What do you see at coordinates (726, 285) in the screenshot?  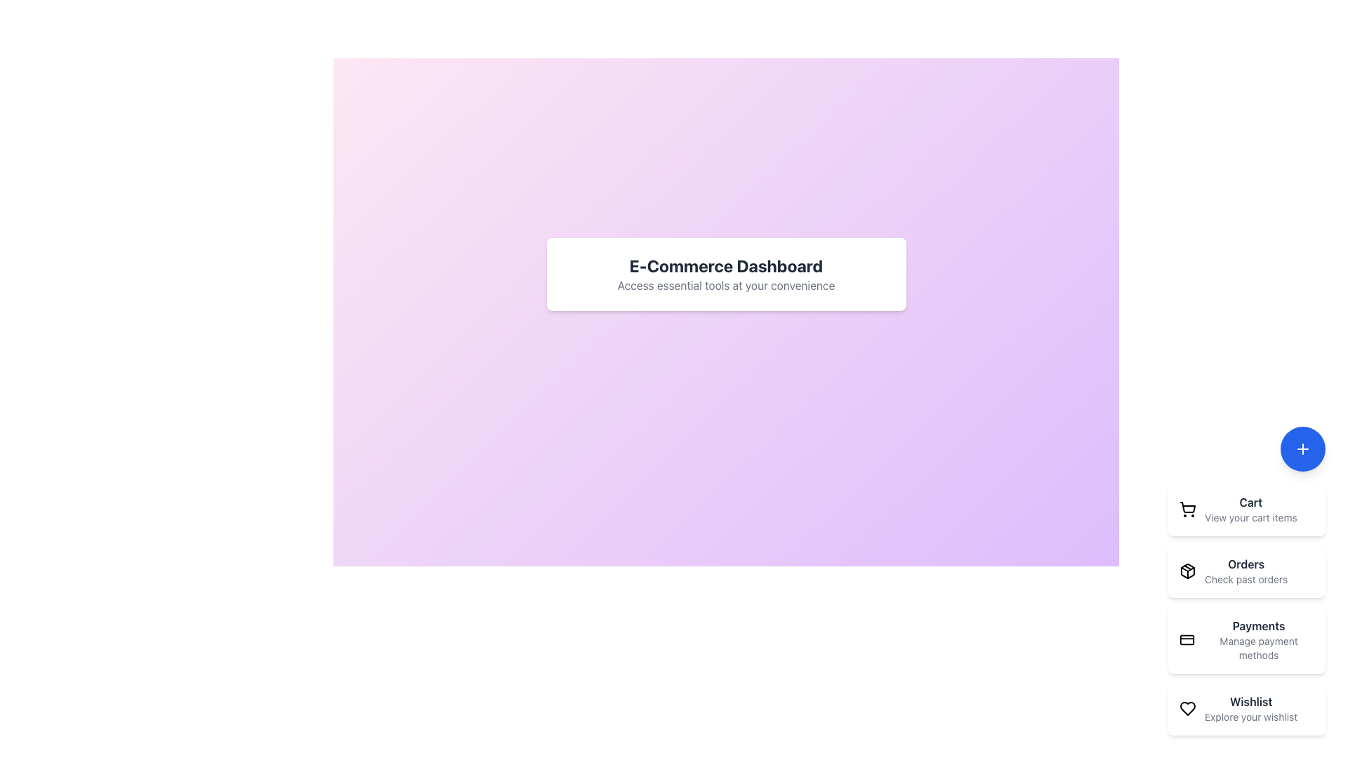 I see `supporting text label that says 'Access essential tools at your convenience,' located below the header 'E-Commerce Dashboard' in a smaller gray font` at bounding box center [726, 285].